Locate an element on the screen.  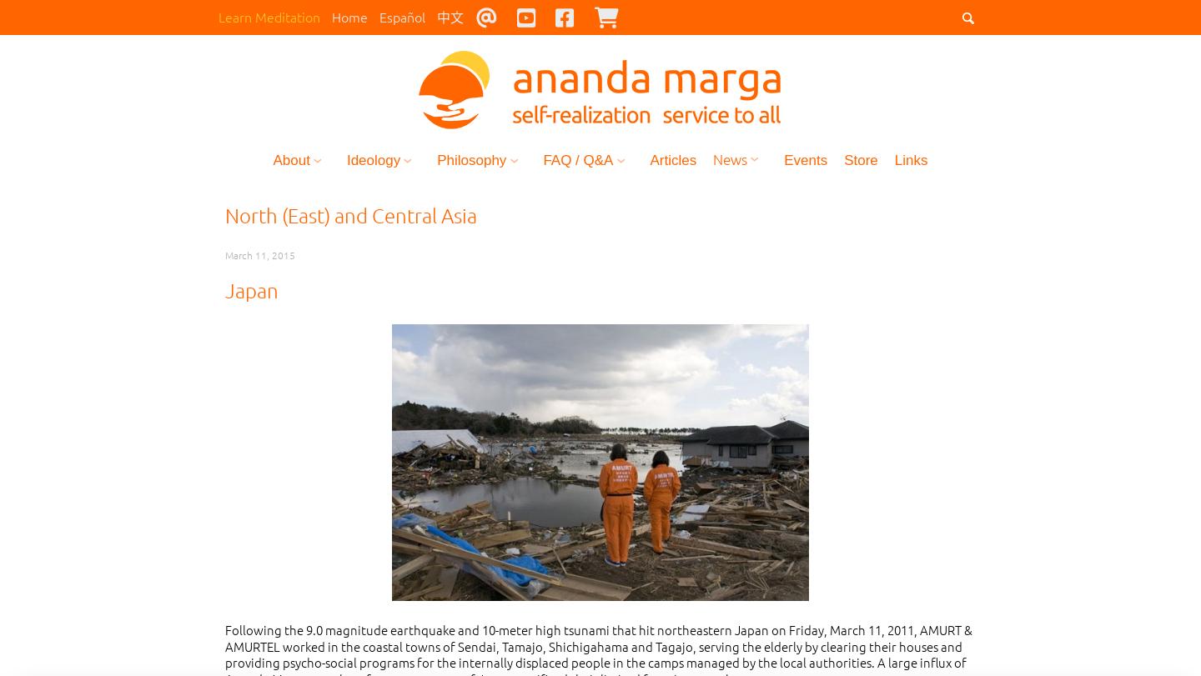
'Spiritual Ecovillages' is located at coordinates (510, 408).